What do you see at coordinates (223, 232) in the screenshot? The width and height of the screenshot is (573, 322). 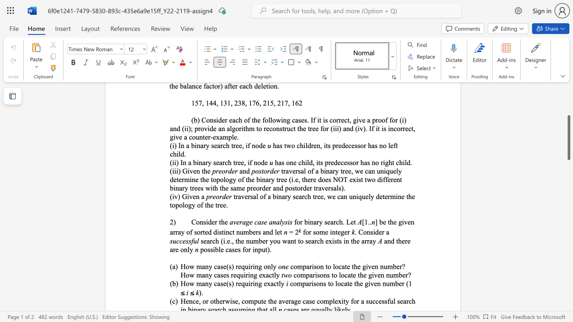 I see `the subset text "inct numbers a" within the text "] be the given array of sorted distinct numbers and let"` at bounding box center [223, 232].